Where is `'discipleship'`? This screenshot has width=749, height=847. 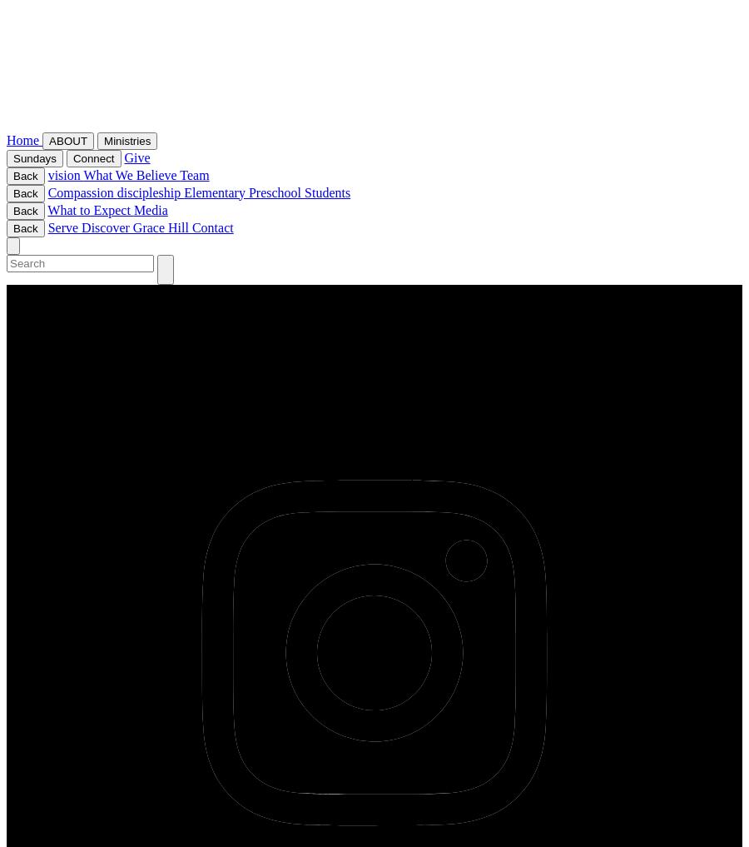
'discipleship' is located at coordinates (150, 191).